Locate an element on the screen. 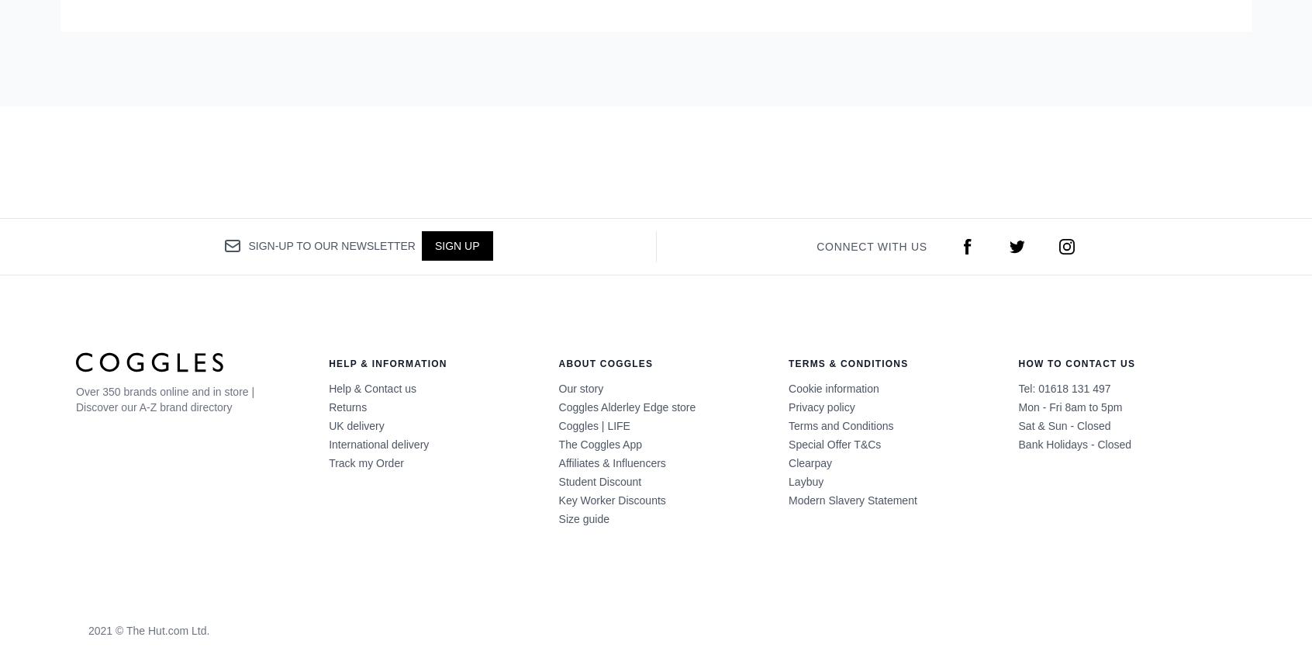 This screenshot has height=651, width=1312. 'Track my Order' is located at coordinates (365, 462).